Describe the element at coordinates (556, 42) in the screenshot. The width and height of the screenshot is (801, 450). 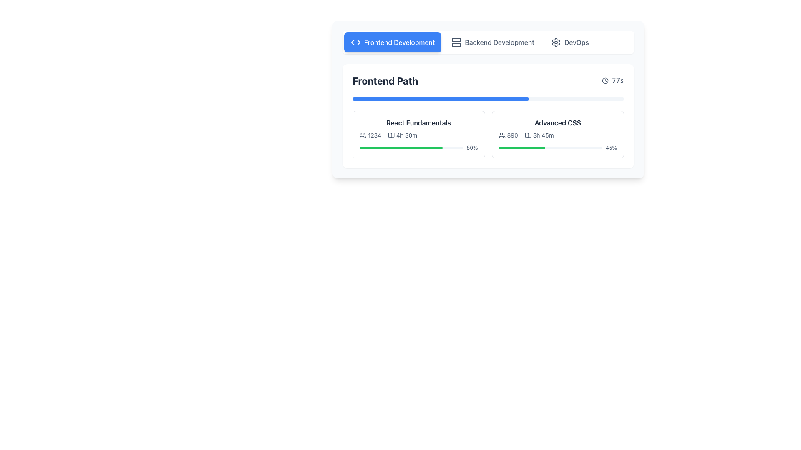
I see `the Settings icon located to the left of the 'DevOps' text` at that location.